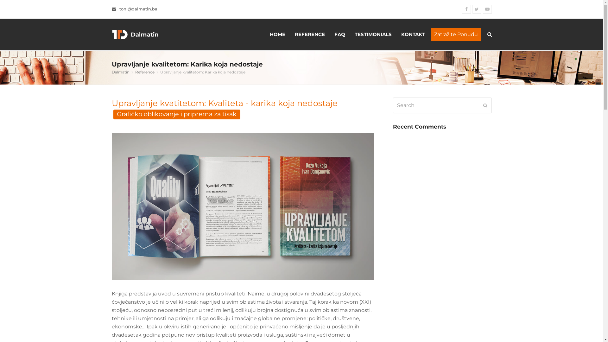 The image size is (608, 342). What do you see at coordinates (144, 72) in the screenshot?
I see `'Reference'` at bounding box center [144, 72].